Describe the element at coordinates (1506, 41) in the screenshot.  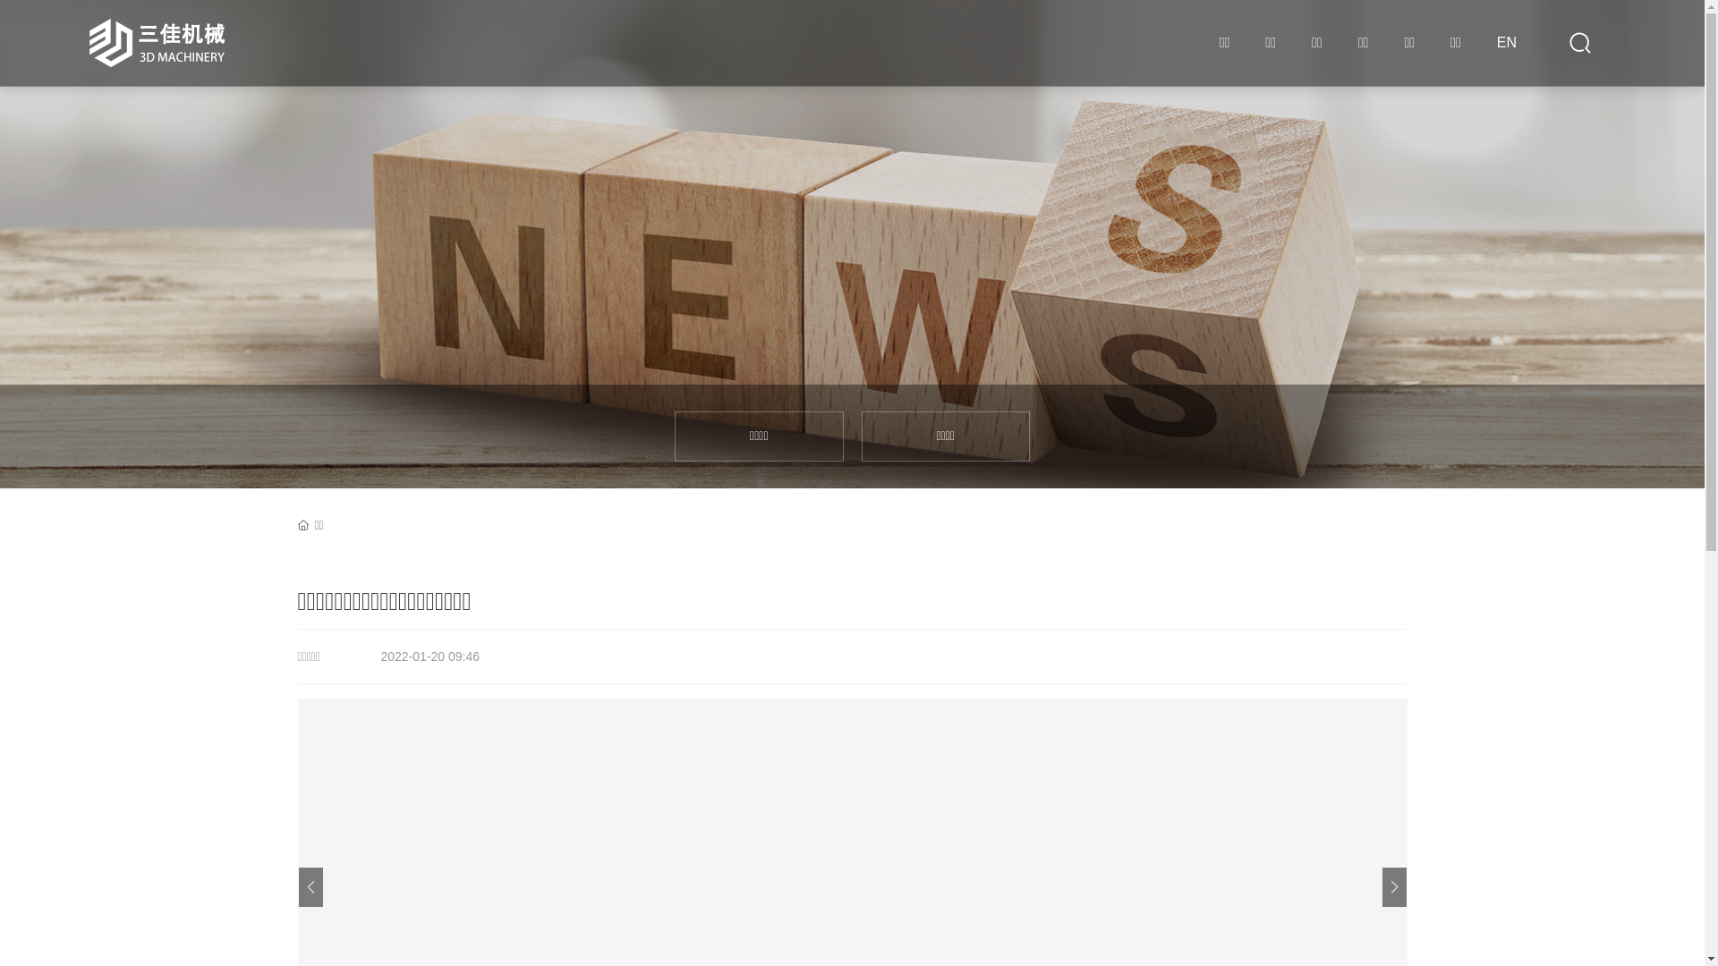
I see `'EN'` at that location.